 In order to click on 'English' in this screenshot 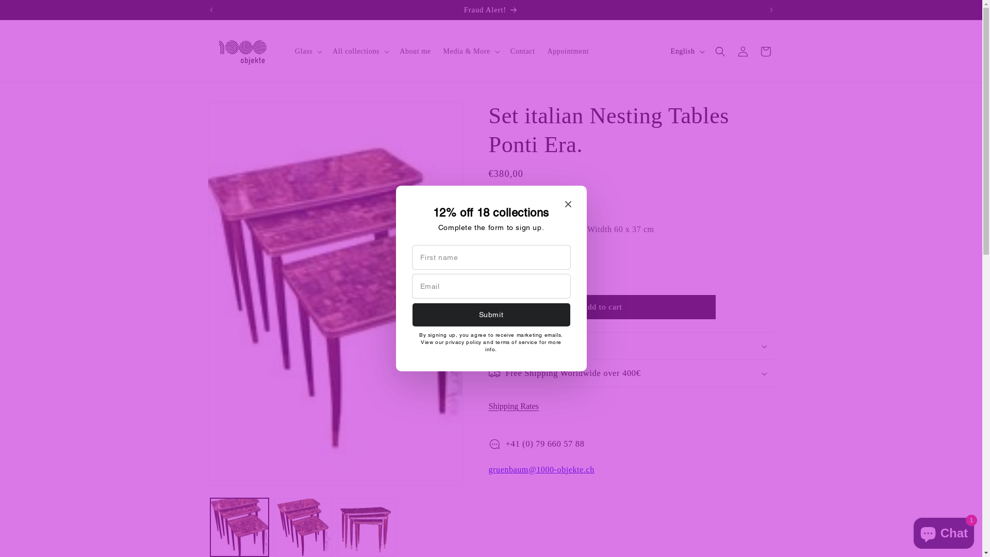, I will do `click(665, 52)`.